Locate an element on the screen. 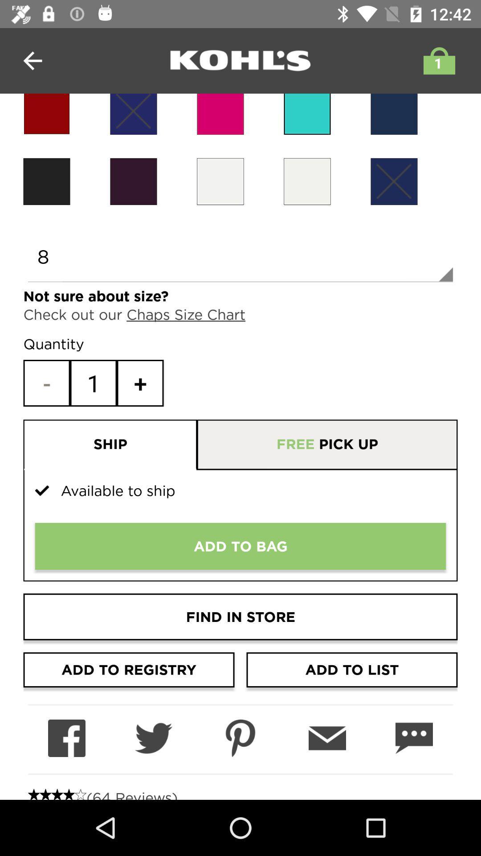 Image resolution: width=481 pixels, height=856 pixels. black color for item is located at coordinates (134, 181).